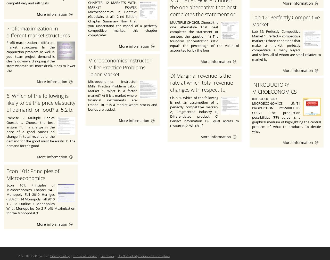 This screenshot has height=260, width=330. What do you see at coordinates (85, 256) in the screenshot?
I see `'Terms of Service'` at bounding box center [85, 256].